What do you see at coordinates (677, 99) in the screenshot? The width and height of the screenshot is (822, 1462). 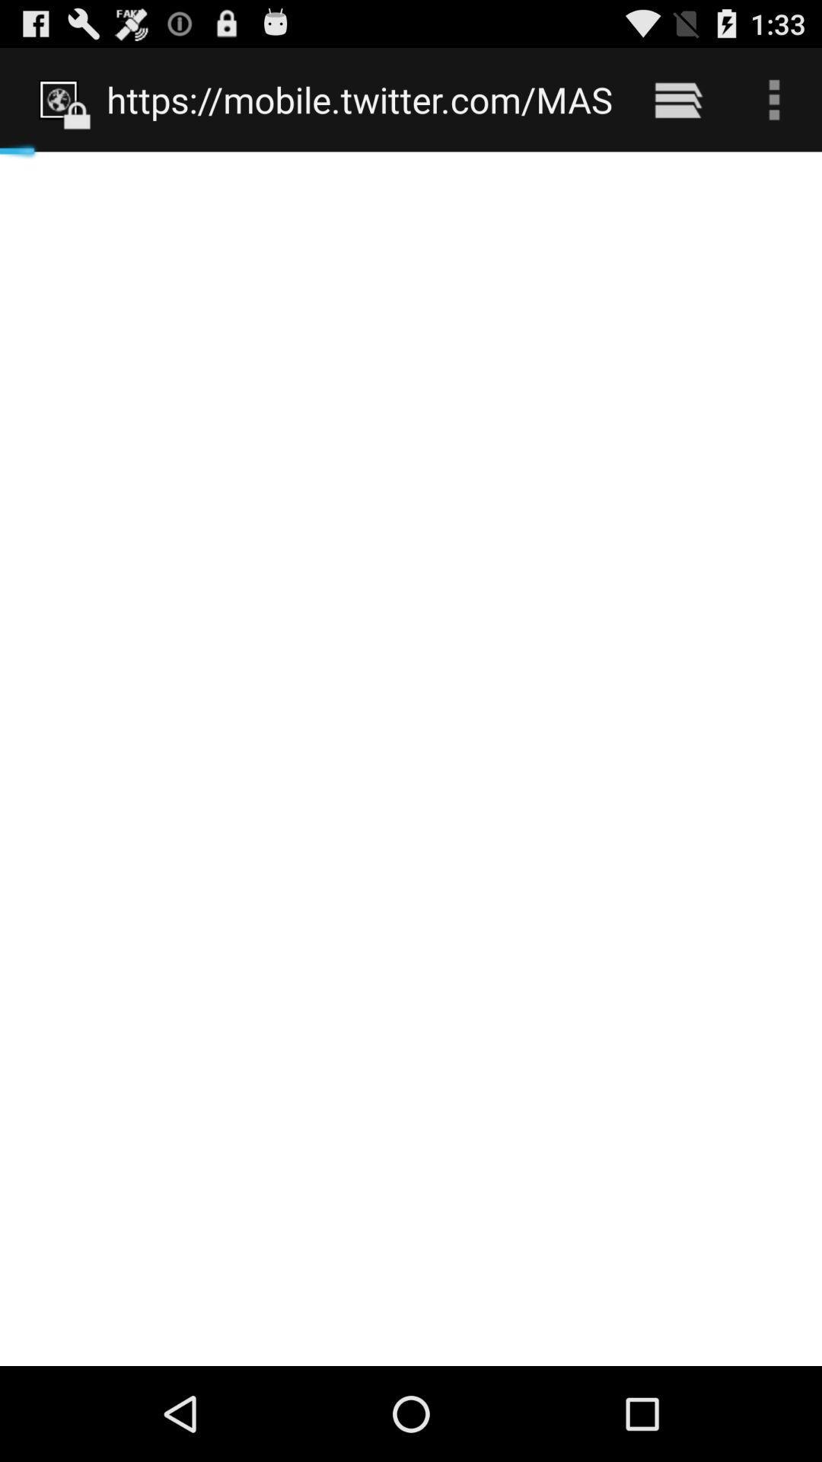 I see `icon to the right of the https mobile twitter` at bounding box center [677, 99].